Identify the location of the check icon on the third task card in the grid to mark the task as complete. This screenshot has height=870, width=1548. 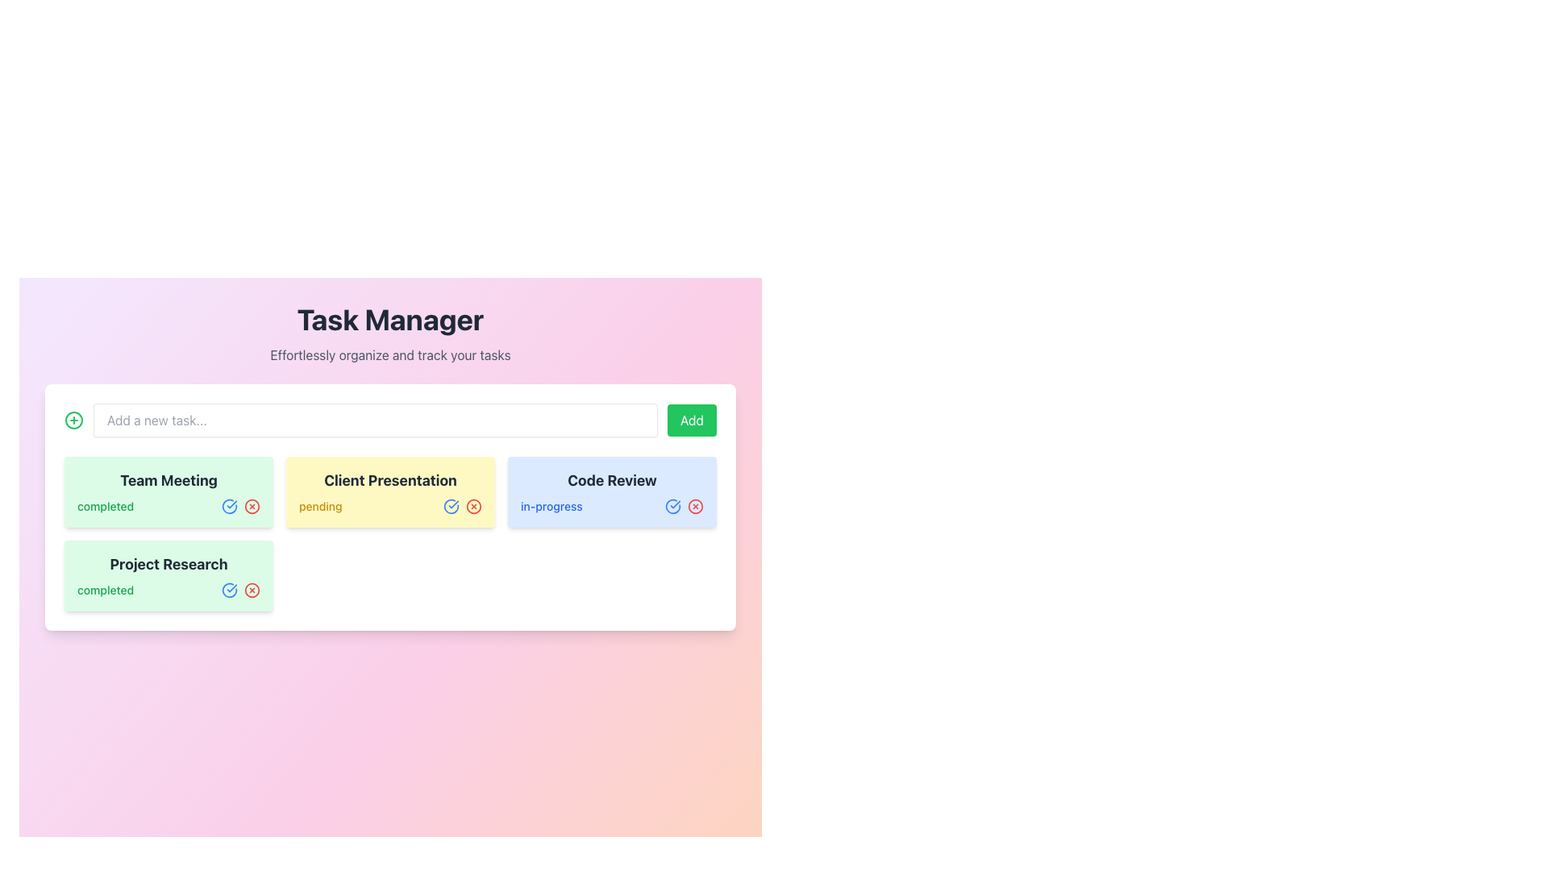
(611, 491).